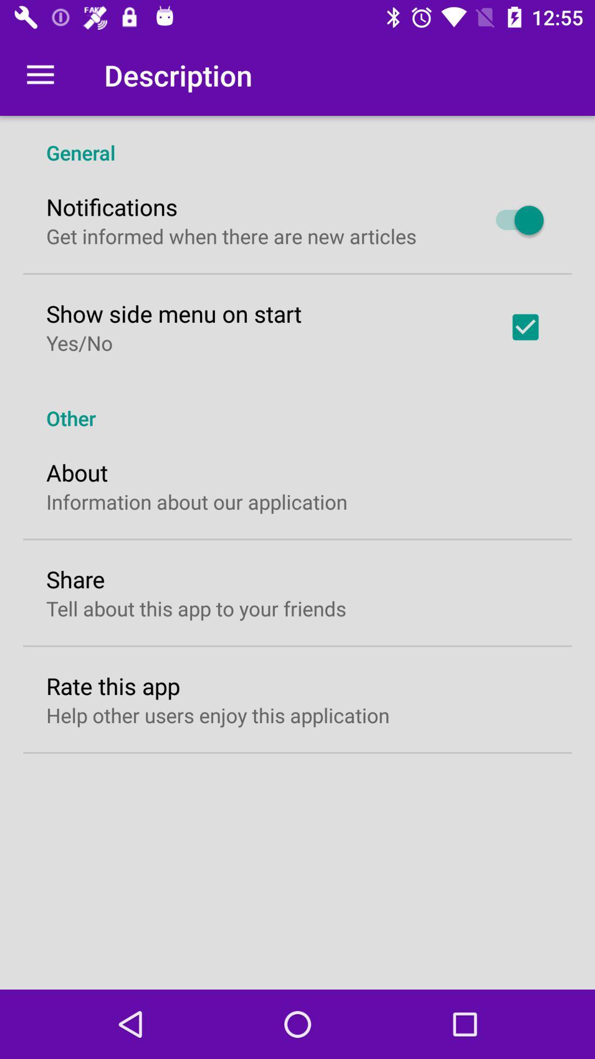 The image size is (595, 1059). Describe the element at coordinates (196, 501) in the screenshot. I see `the icon above the share item` at that location.